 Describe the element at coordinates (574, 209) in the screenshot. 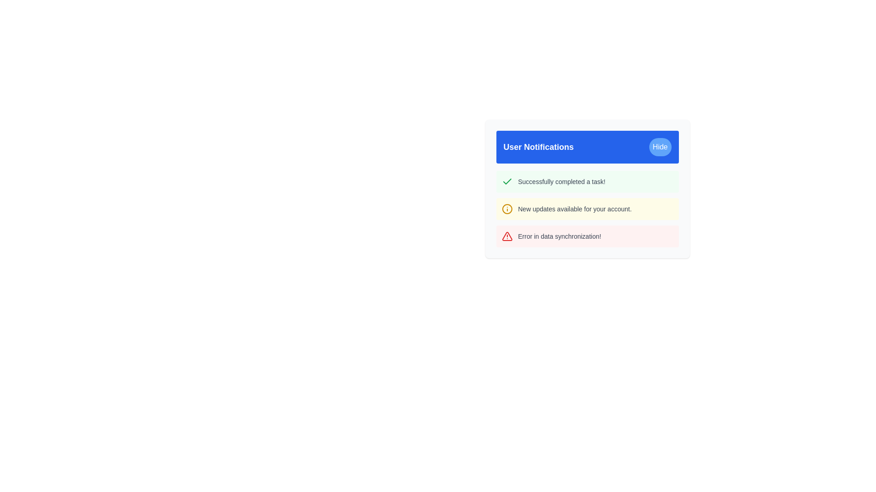

I see `message 'New updates available for your account.' displayed in gray text within the notification area, adjacent to an information icon` at that location.